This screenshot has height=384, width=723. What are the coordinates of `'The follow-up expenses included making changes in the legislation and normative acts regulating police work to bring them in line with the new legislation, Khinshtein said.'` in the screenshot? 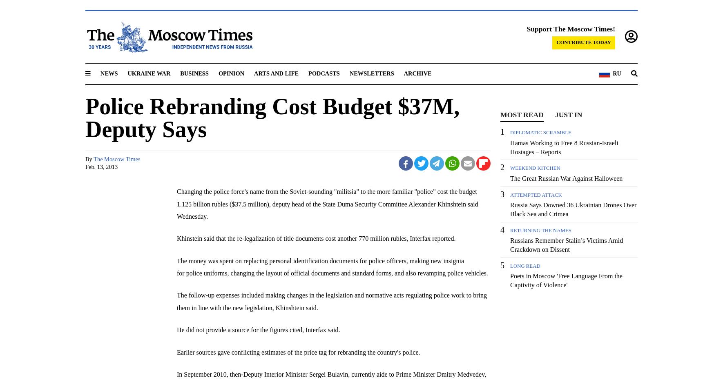 It's located at (332, 301).